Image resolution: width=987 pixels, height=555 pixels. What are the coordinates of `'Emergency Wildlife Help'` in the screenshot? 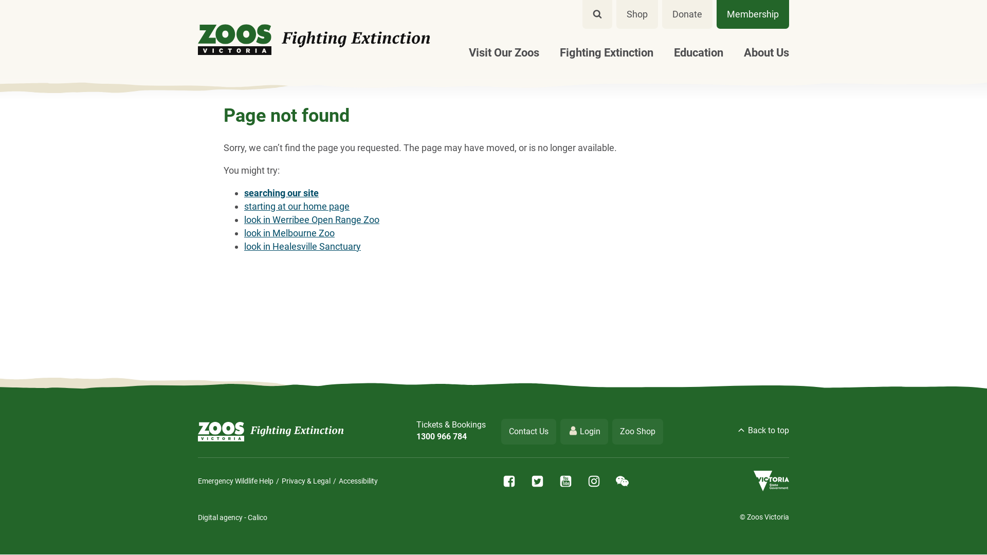 It's located at (235, 481).